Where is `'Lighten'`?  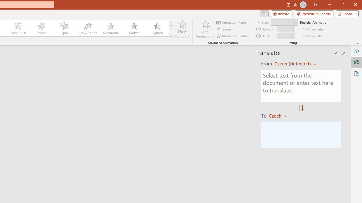
'Lighten' is located at coordinates (157, 28).